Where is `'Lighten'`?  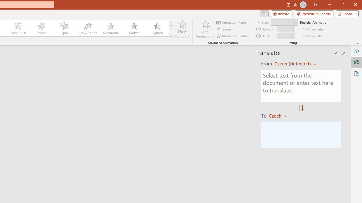
'Lighten' is located at coordinates (157, 28).